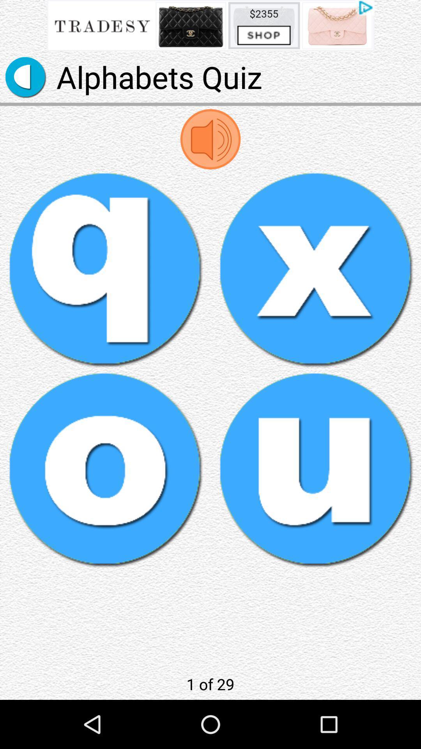 The image size is (421, 749). What do you see at coordinates (210, 149) in the screenshot?
I see `the volume icon` at bounding box center [210, 149].